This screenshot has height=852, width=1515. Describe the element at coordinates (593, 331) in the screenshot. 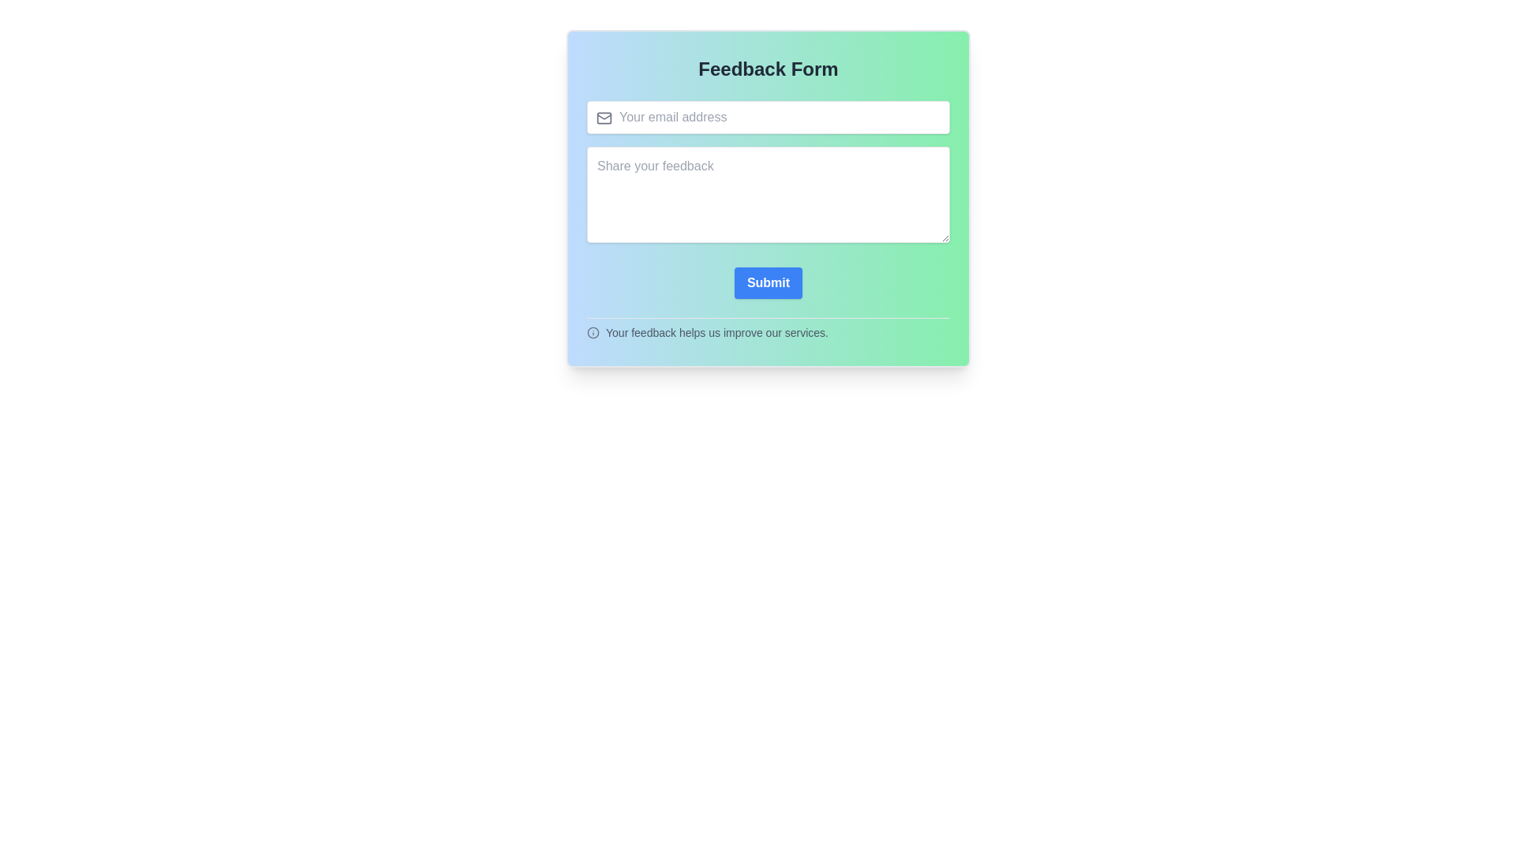

I see `the circular icon background element positioned at the bottom-left corner of the feedback-related text 'Your feedback helps us improve our services.'` at that location.